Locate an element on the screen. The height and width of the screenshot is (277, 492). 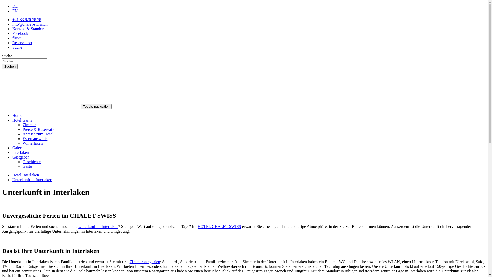
'Galerie' is located at coordinates (18, 148).